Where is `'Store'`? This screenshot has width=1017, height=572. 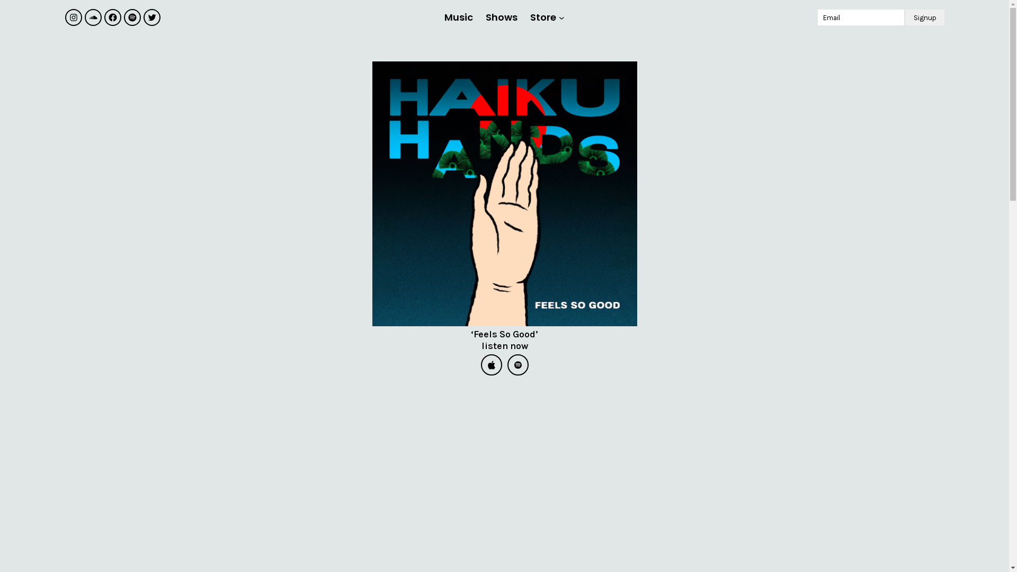 'Store' is located at coordinates (543, 17).